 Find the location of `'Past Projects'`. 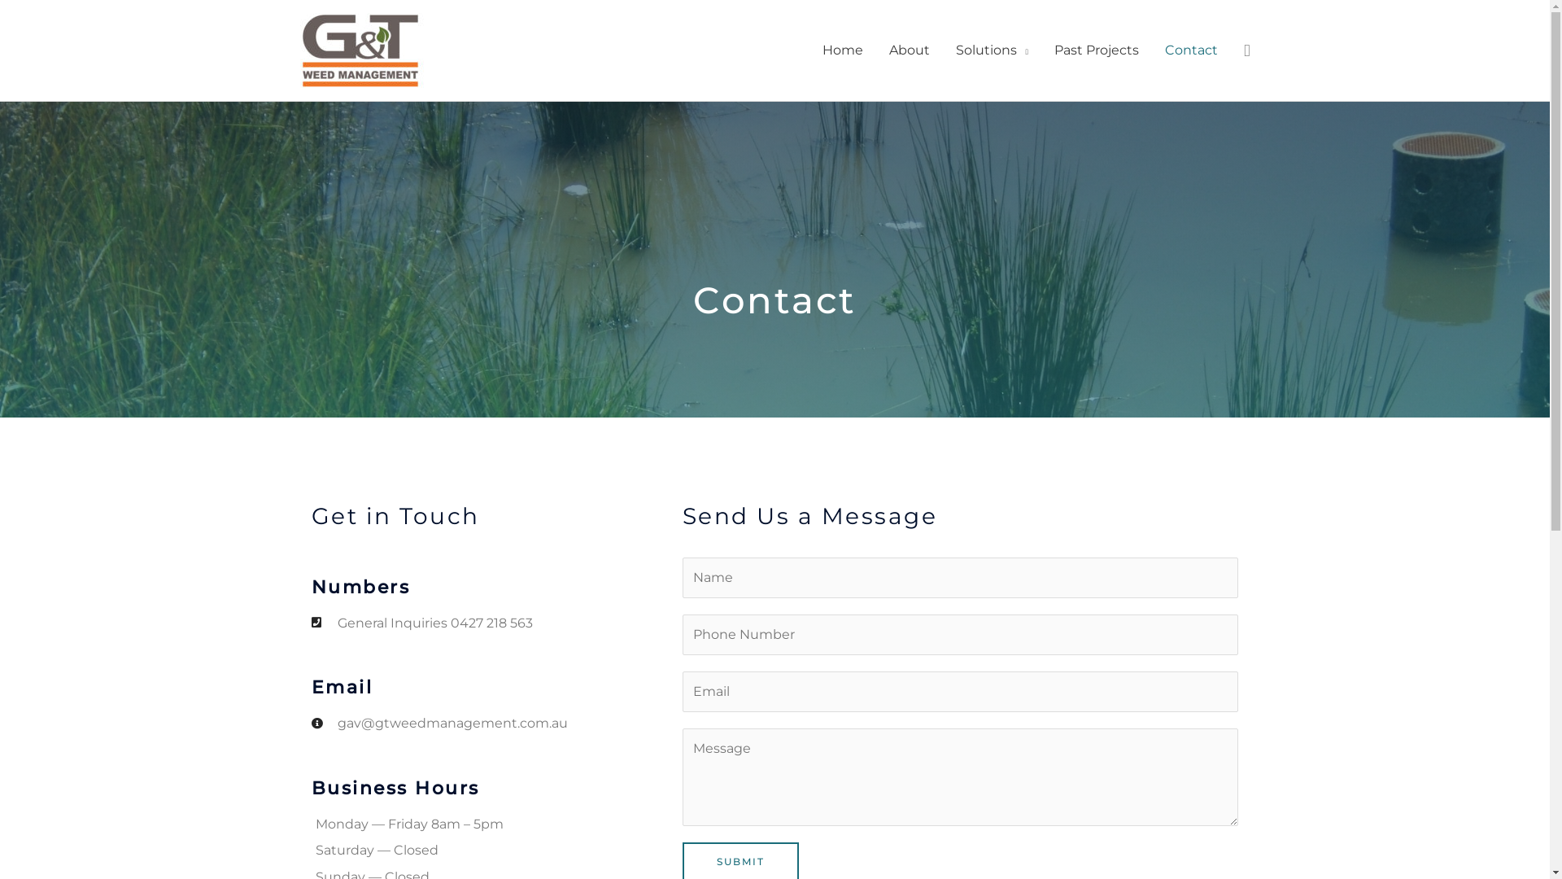

'Past Projects' is located at coordinates (1097, 49).